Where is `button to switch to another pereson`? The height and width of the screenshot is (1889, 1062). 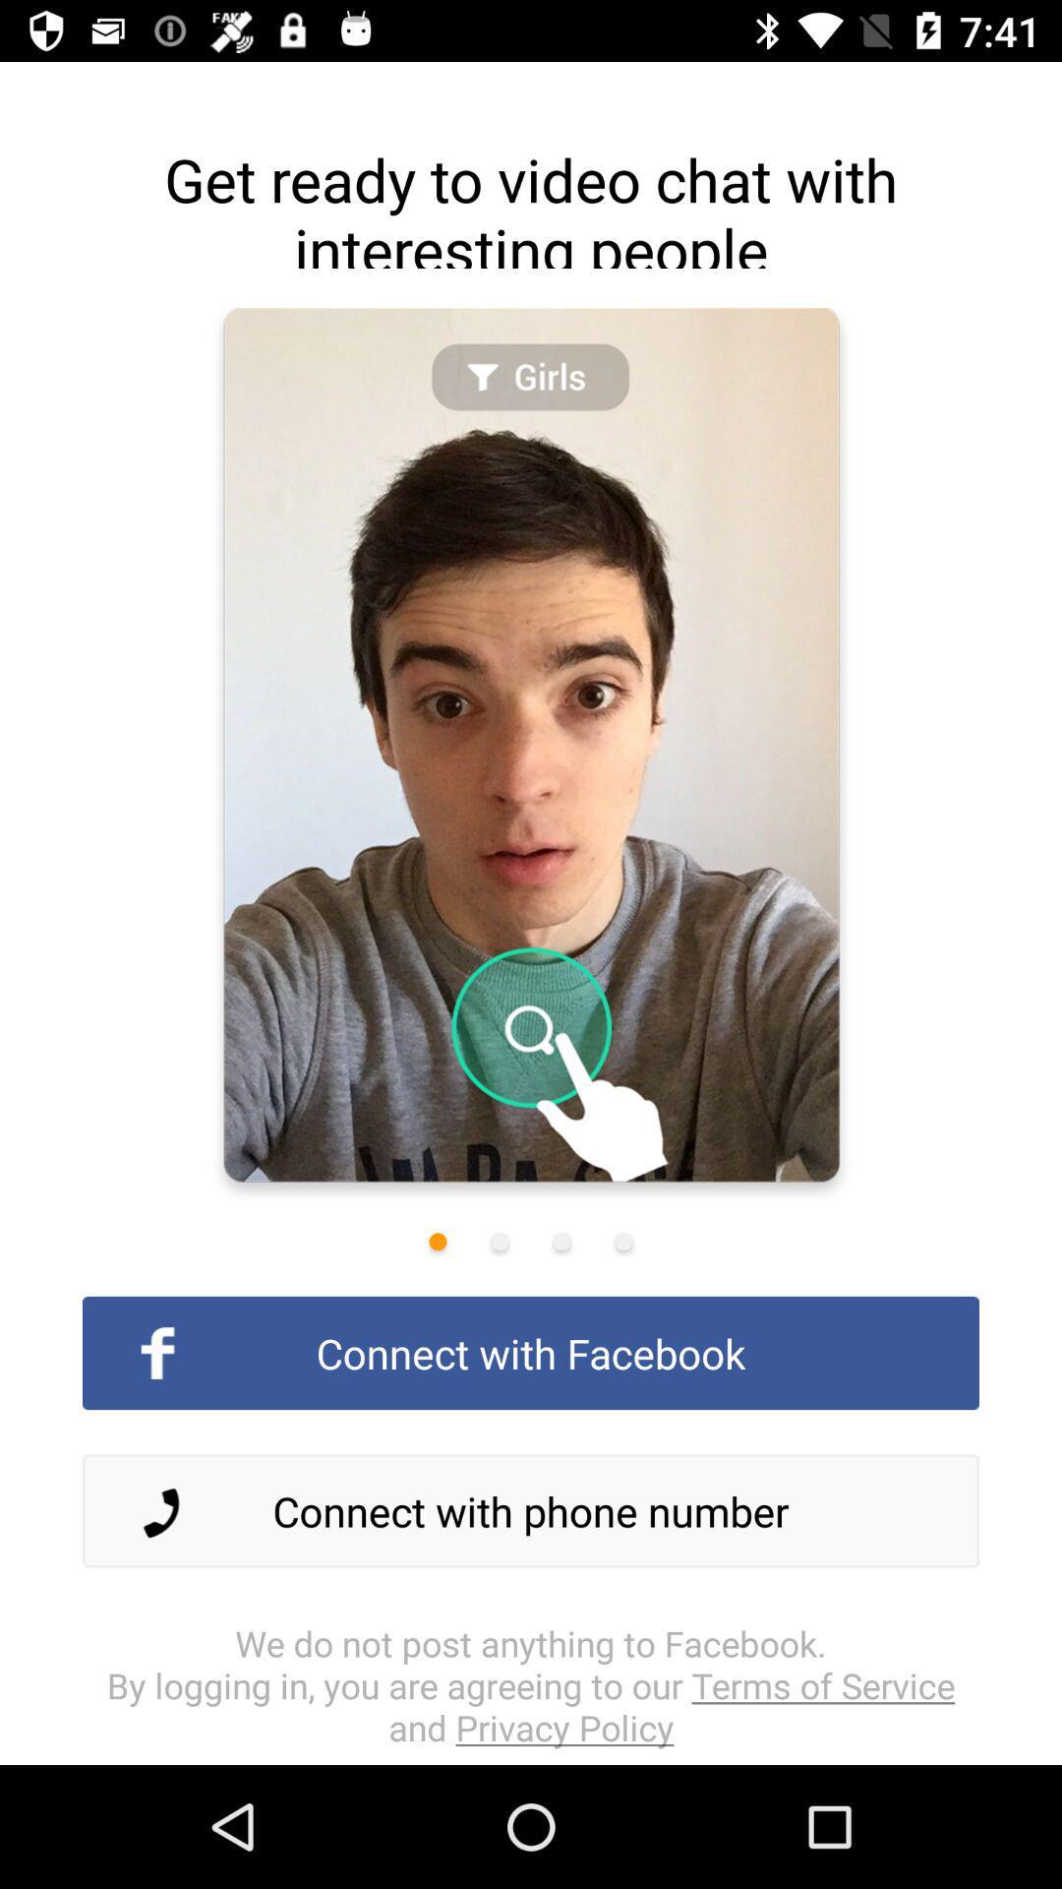 button to switch to another pereson is located at coordinates (561, 1241).